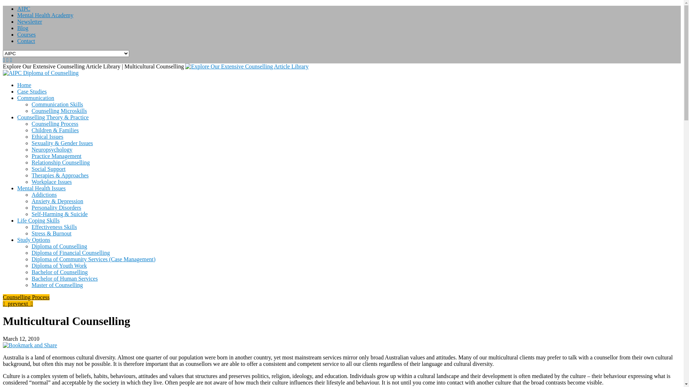  What do you see at coordinates (35, 98) in the screenshot?
I see `'Communication'` at bounding box center [35, 98].